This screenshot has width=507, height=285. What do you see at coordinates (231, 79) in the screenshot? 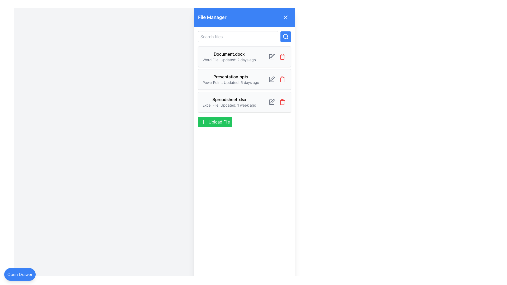
I see `the Text label displaying 'Presentation.pptx' in the File Manager interface, located between 'Document.docx' and 'Spreadsheet.xlsx'` at bounding box center [231, 79].